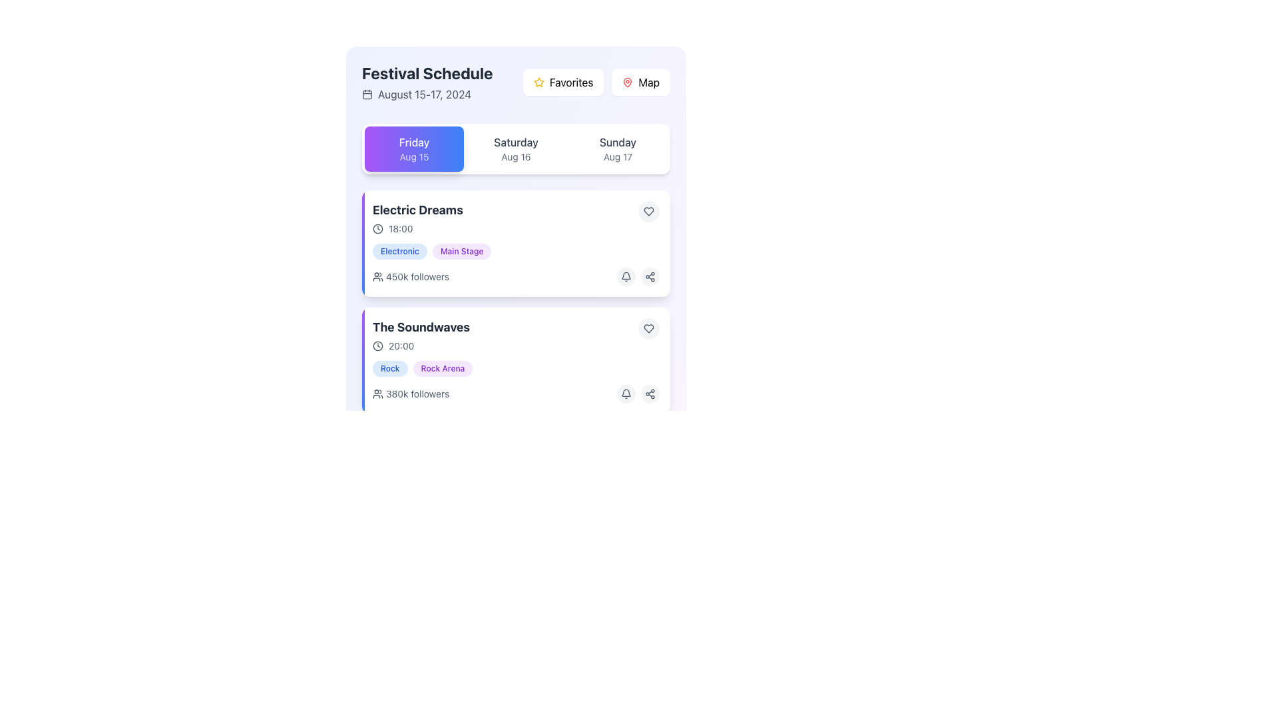 Image resolution: width=1278 pixels, height=719 pixels. What do you see at coordinates (413, 148) in the screenshot?
I see `the leftmost button in the horizontal series beneath the title 'Festival Schedule'` at bounding box center [413, 148].